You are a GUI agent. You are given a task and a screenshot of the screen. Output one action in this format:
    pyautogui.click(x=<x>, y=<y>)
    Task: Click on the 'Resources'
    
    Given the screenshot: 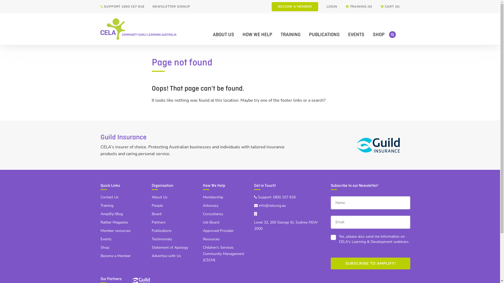 What is the action you would take?
    pyautogui.click(x=211, y=239)
    